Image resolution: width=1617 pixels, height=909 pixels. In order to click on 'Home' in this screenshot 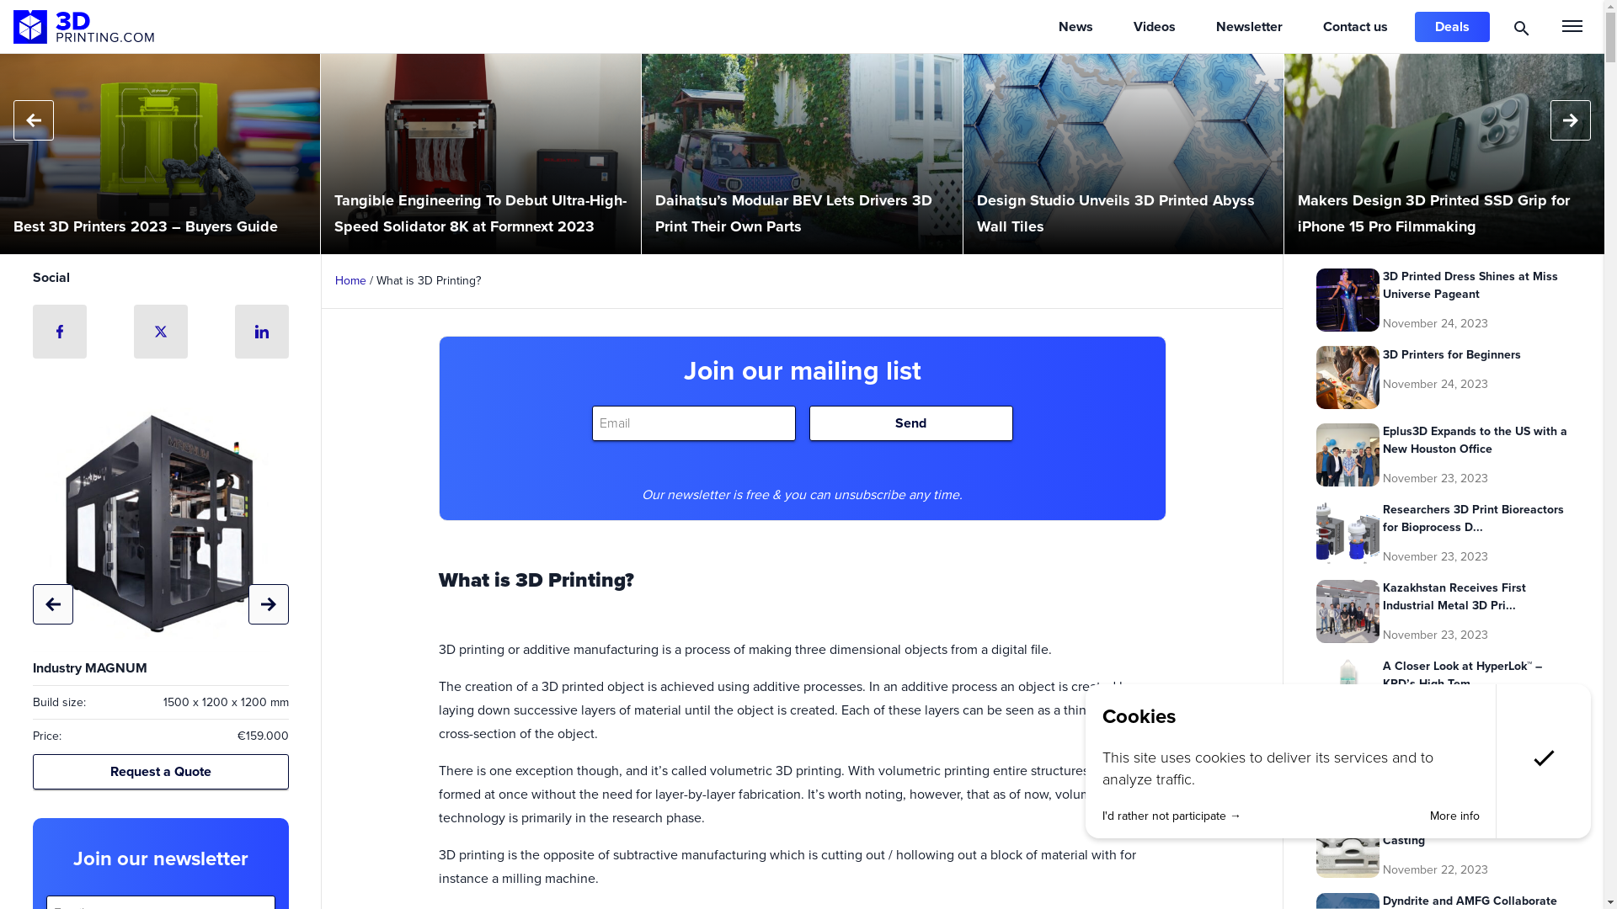, I will do `click(350, 279)`.